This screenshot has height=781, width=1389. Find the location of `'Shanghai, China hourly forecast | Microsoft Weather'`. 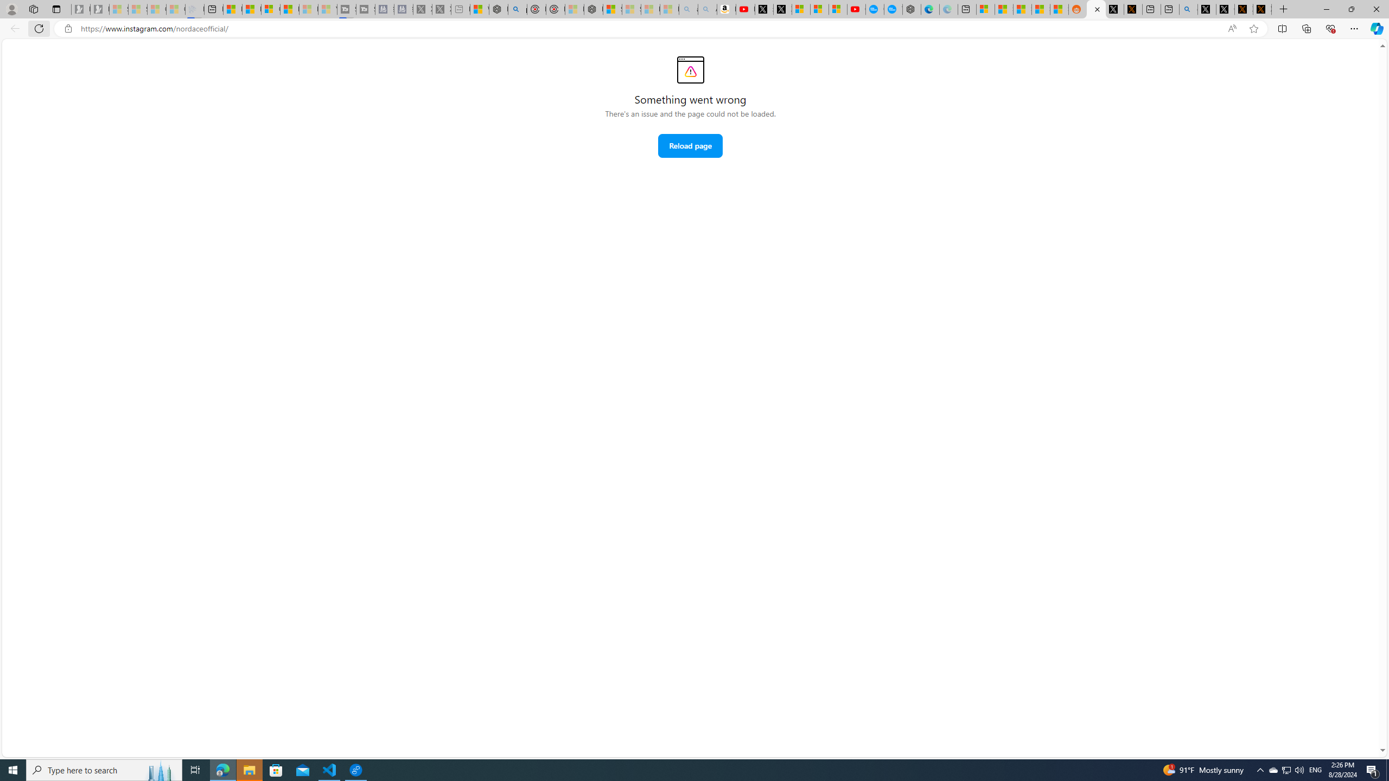

'Shanghai, China hourly forecast | Microsoft Weather' is located at coordinates (1022, 9).